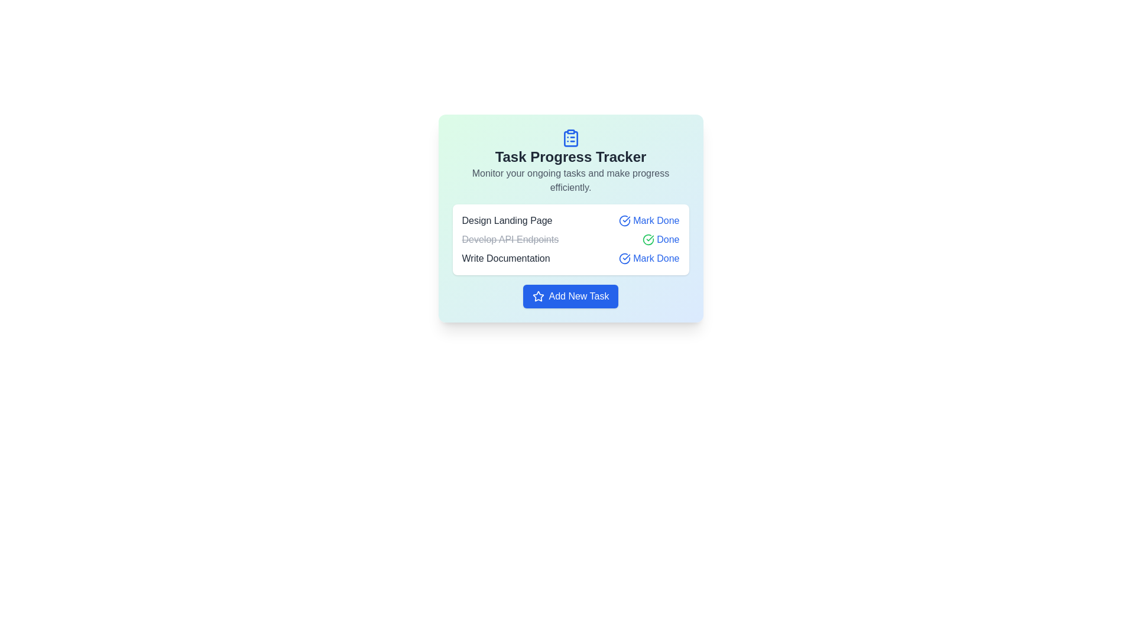  What do you see at coordinates (570, 138) in the screenshot?
I see `the clipboard icon with a checklist at the top-center of the task tracker interface` at bounding box center [570, 138].